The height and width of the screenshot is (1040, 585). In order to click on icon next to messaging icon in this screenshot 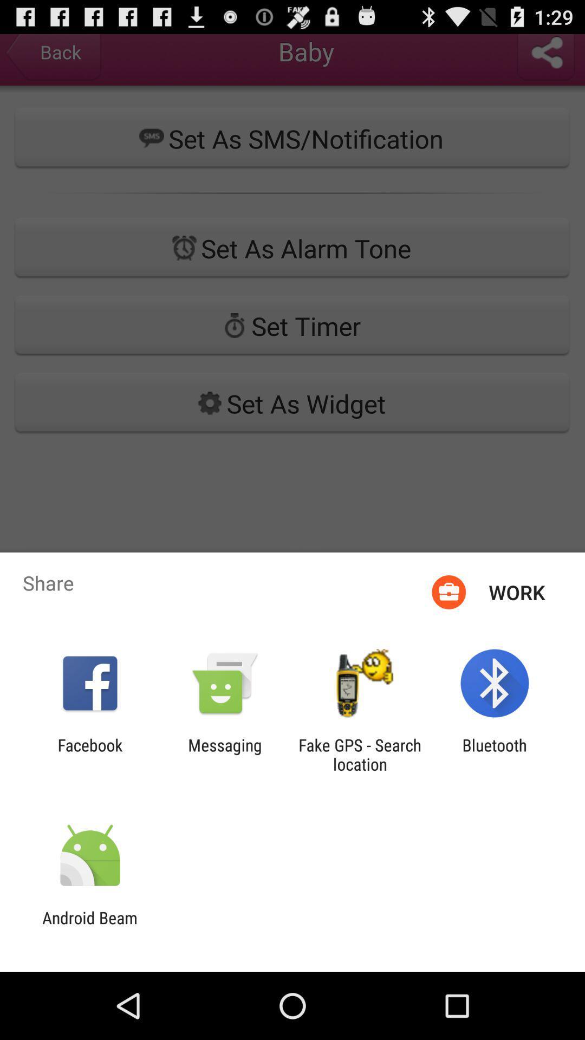, I will do `click(360, 754)`.